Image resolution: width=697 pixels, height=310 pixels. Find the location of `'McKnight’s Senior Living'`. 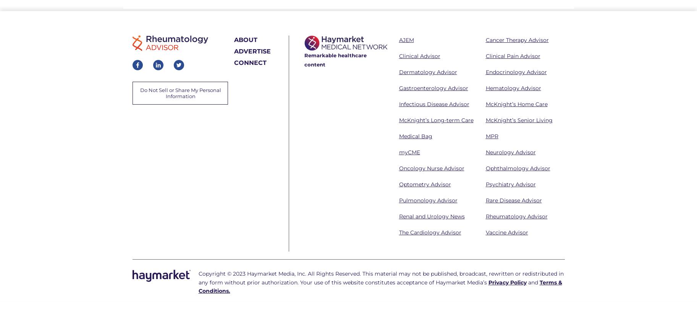

'McKnight’s Senior Living' is located at coordinates (519, 120).